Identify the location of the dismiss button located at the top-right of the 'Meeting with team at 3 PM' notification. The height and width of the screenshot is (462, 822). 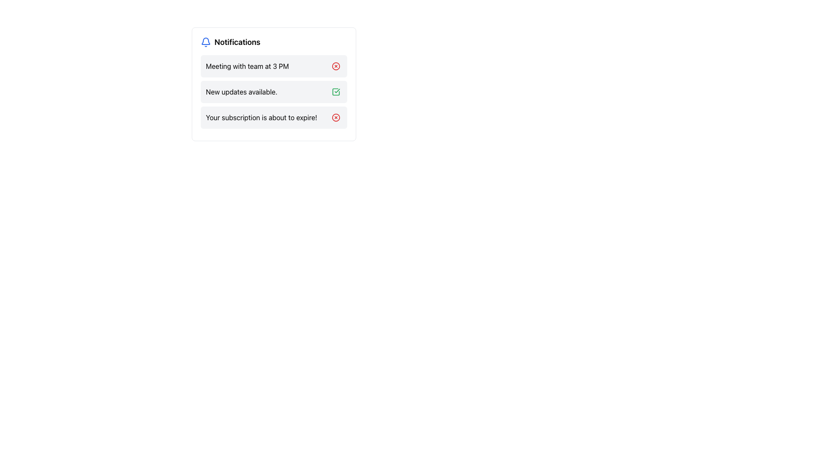
(336, 65).